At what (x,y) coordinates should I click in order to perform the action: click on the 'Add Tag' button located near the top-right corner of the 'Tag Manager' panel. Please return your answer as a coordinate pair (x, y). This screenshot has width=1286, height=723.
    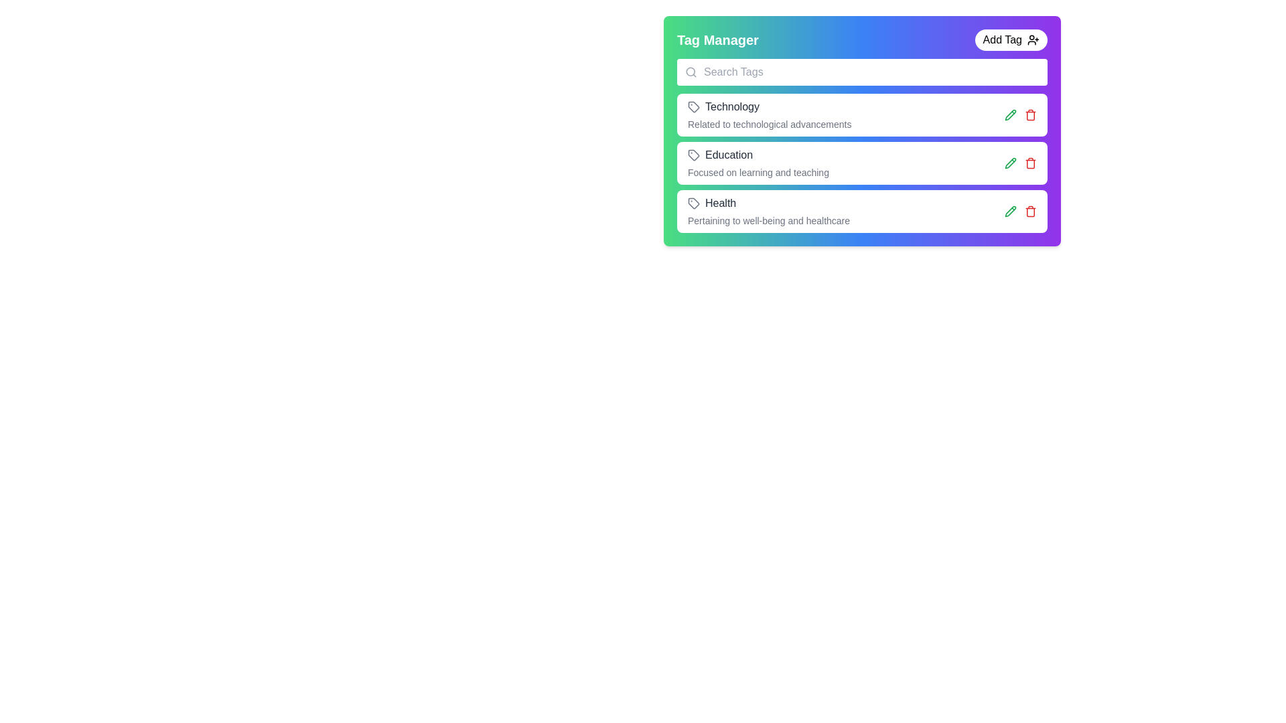
    Looking at the image, I should click on (1011, 39).